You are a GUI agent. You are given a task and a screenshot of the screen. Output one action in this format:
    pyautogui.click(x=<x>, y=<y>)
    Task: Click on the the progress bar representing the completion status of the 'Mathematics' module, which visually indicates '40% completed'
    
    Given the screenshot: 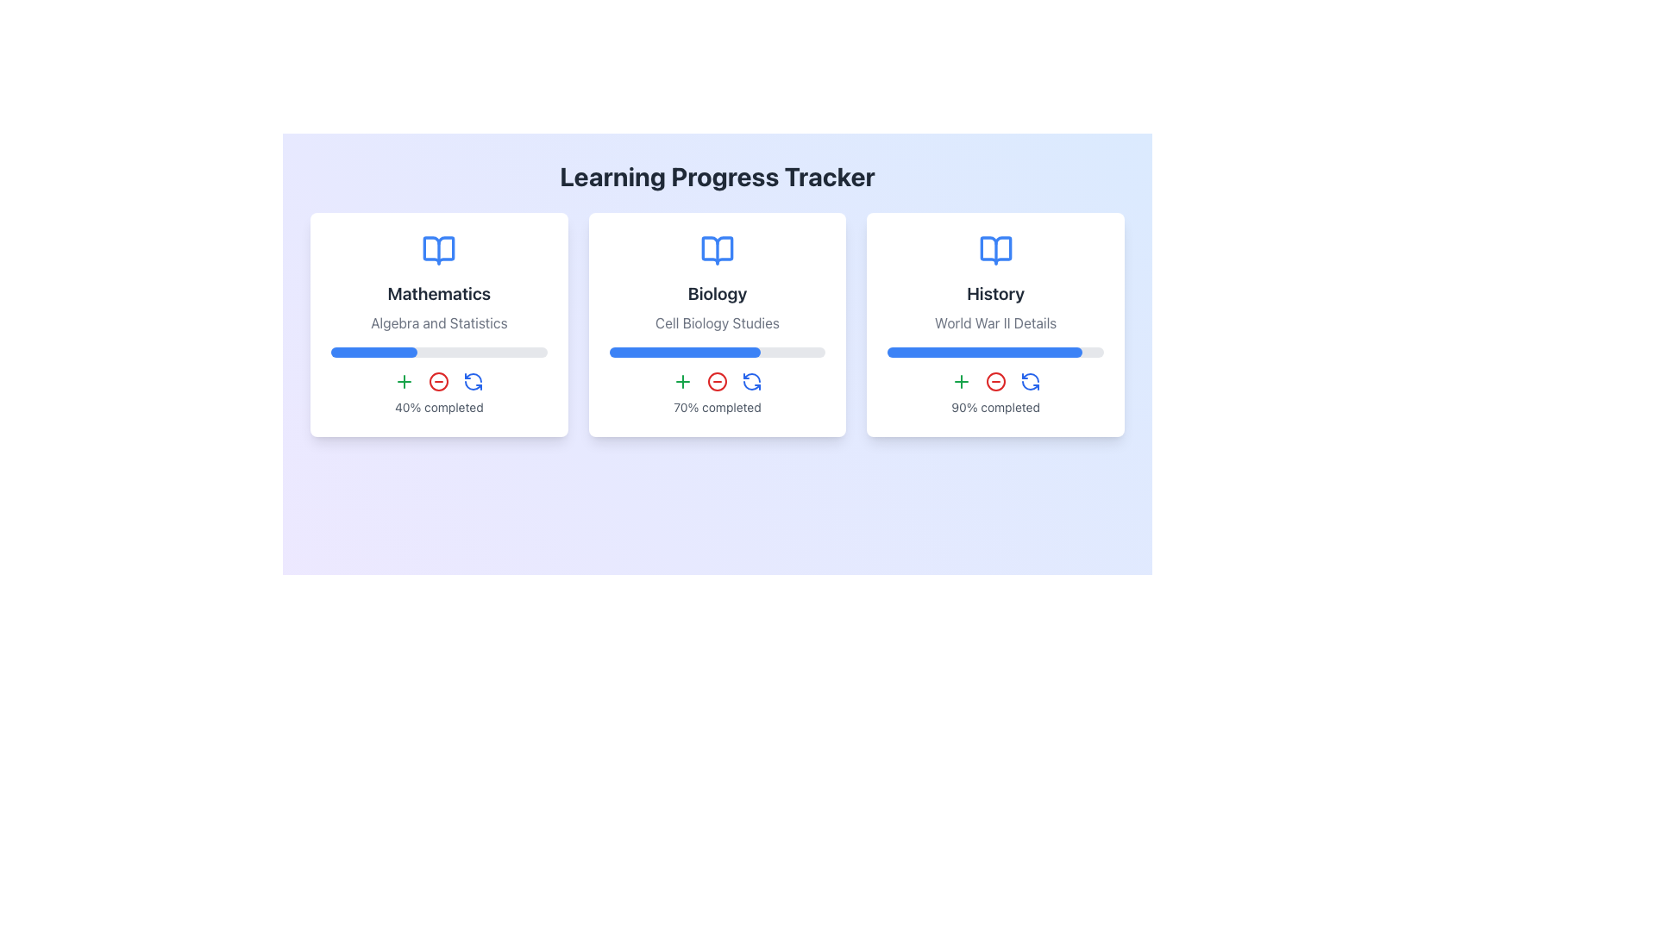 What is the action you would take?
    pyautogui.click(x=439, y=351)
    